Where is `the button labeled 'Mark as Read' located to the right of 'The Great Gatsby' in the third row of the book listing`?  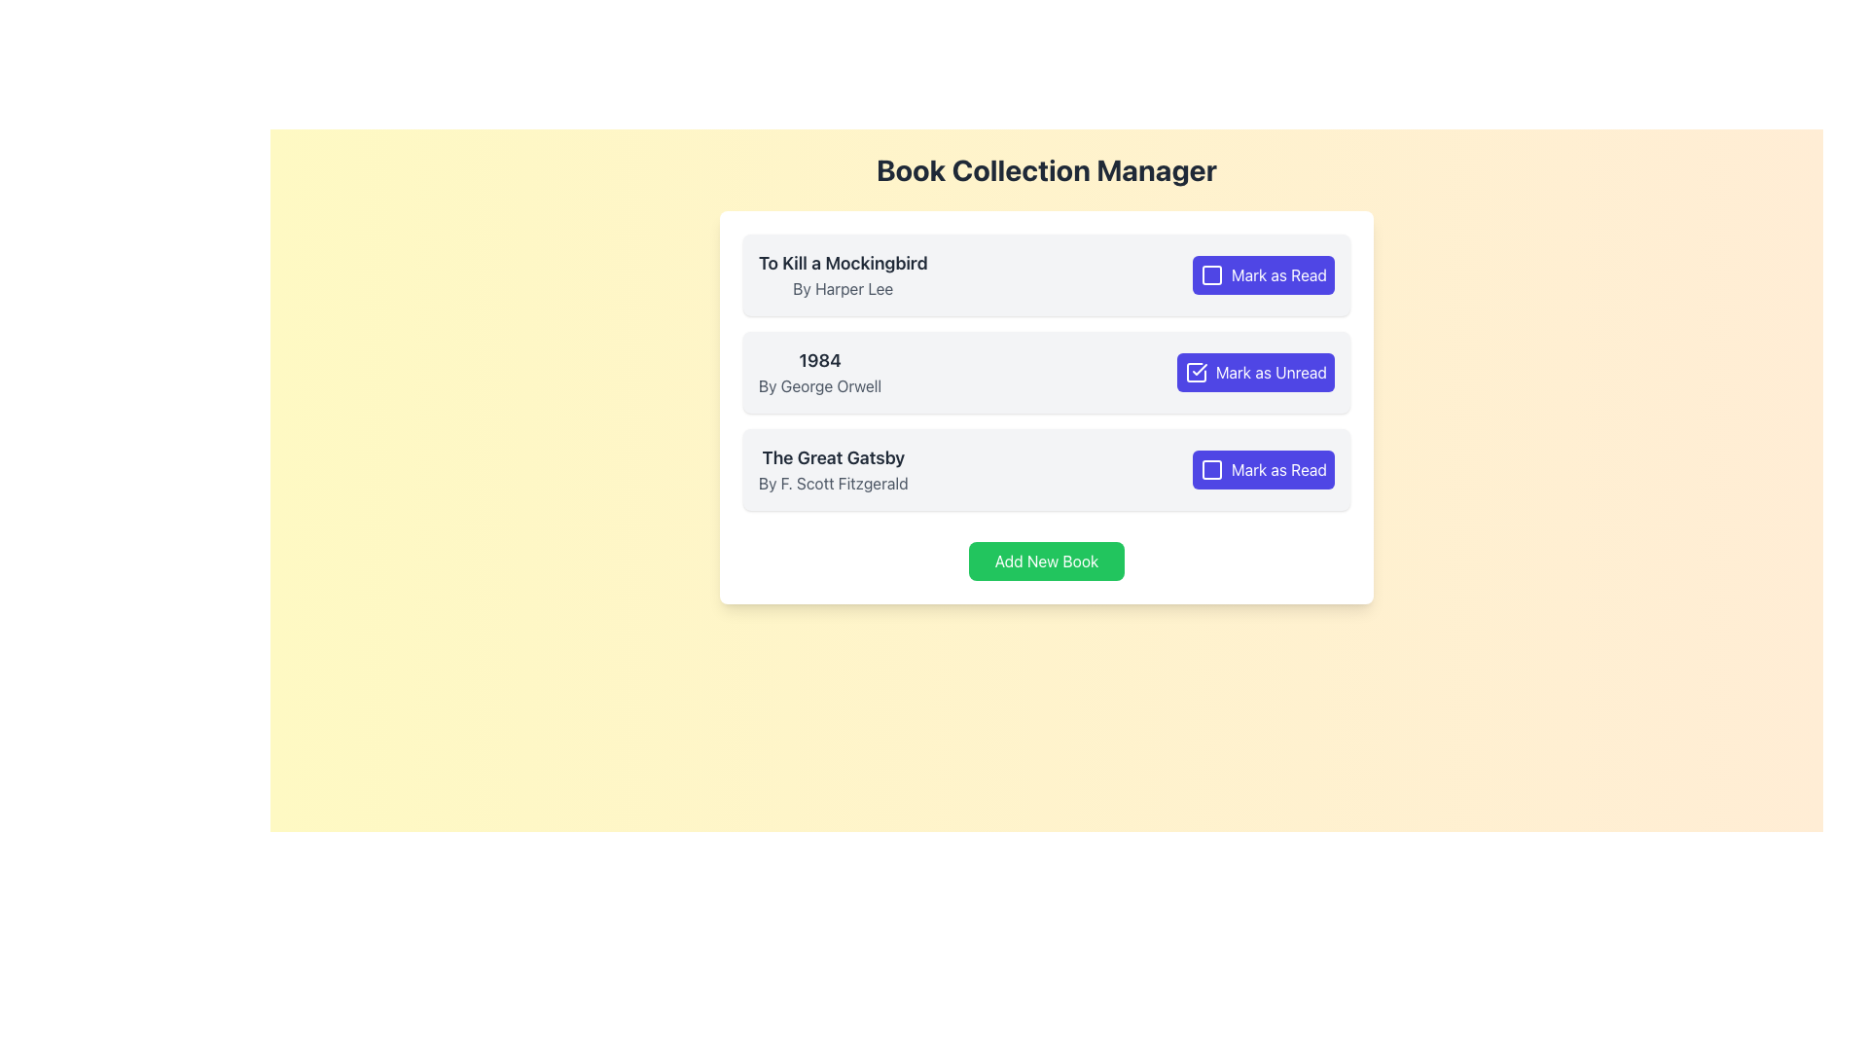 the button labeled 'Mark as Read' located to the right of 'The Great Gatsby' in the third row of the book listing is located at coordinates (1279, 469).